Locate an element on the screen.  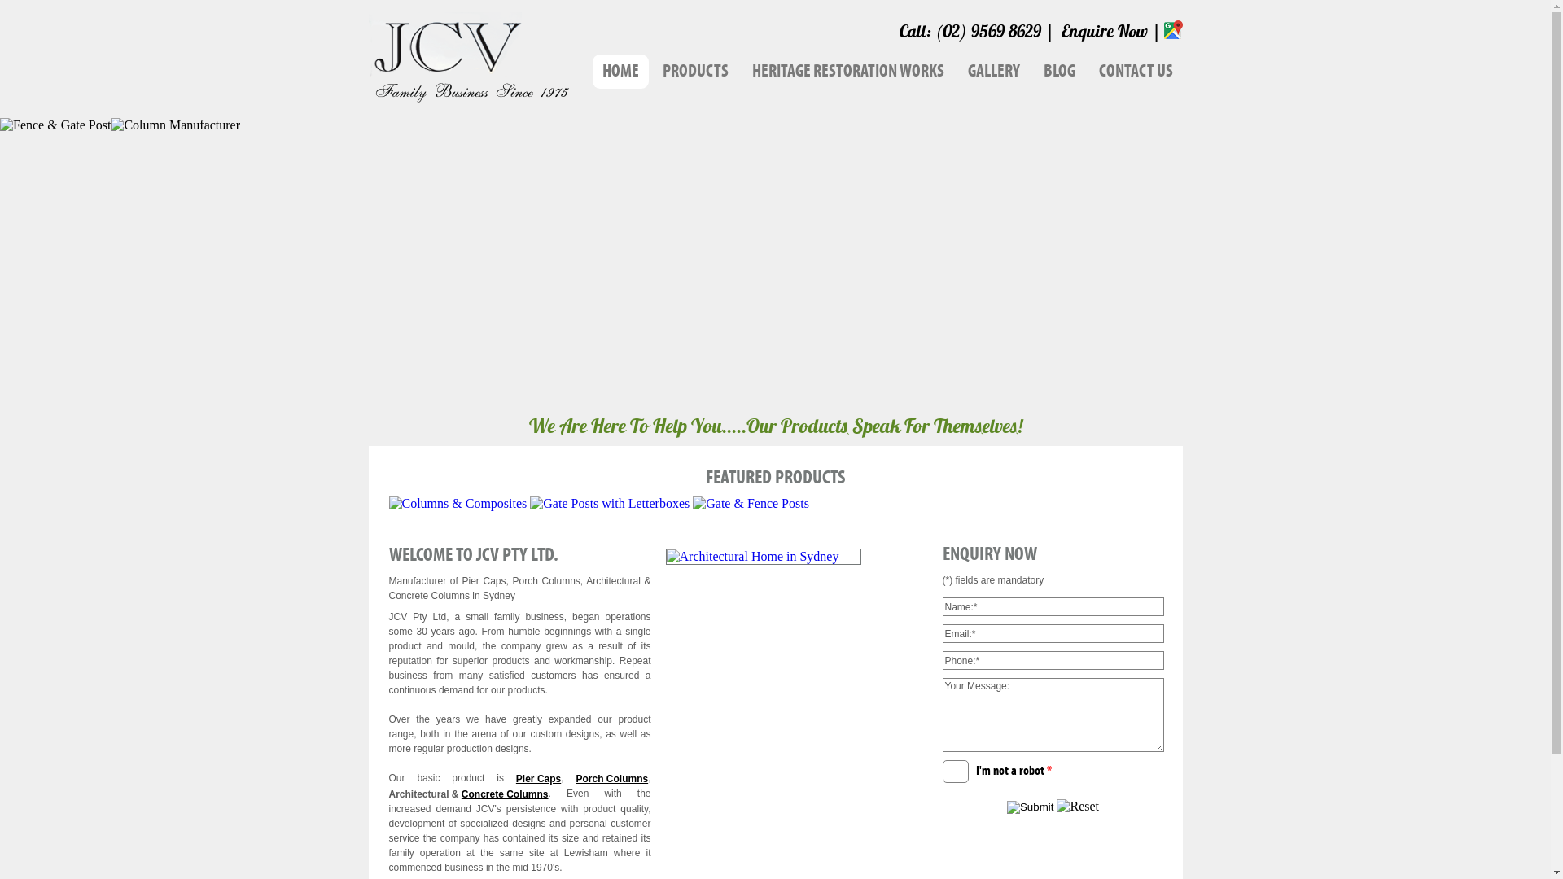
'(02) 9569 8629' is located at coordinates (930, 31).